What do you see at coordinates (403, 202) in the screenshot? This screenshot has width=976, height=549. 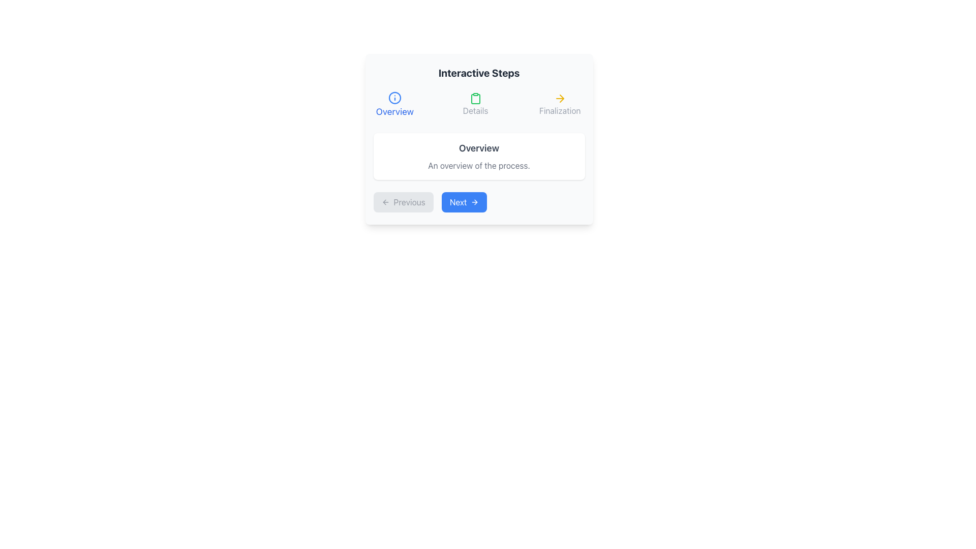 I see `the 'Previous' button, which is a rectangular button with a rounded border and gray background, located at the bottom-left of the central interactive panel` at bounding box center [403, 202].